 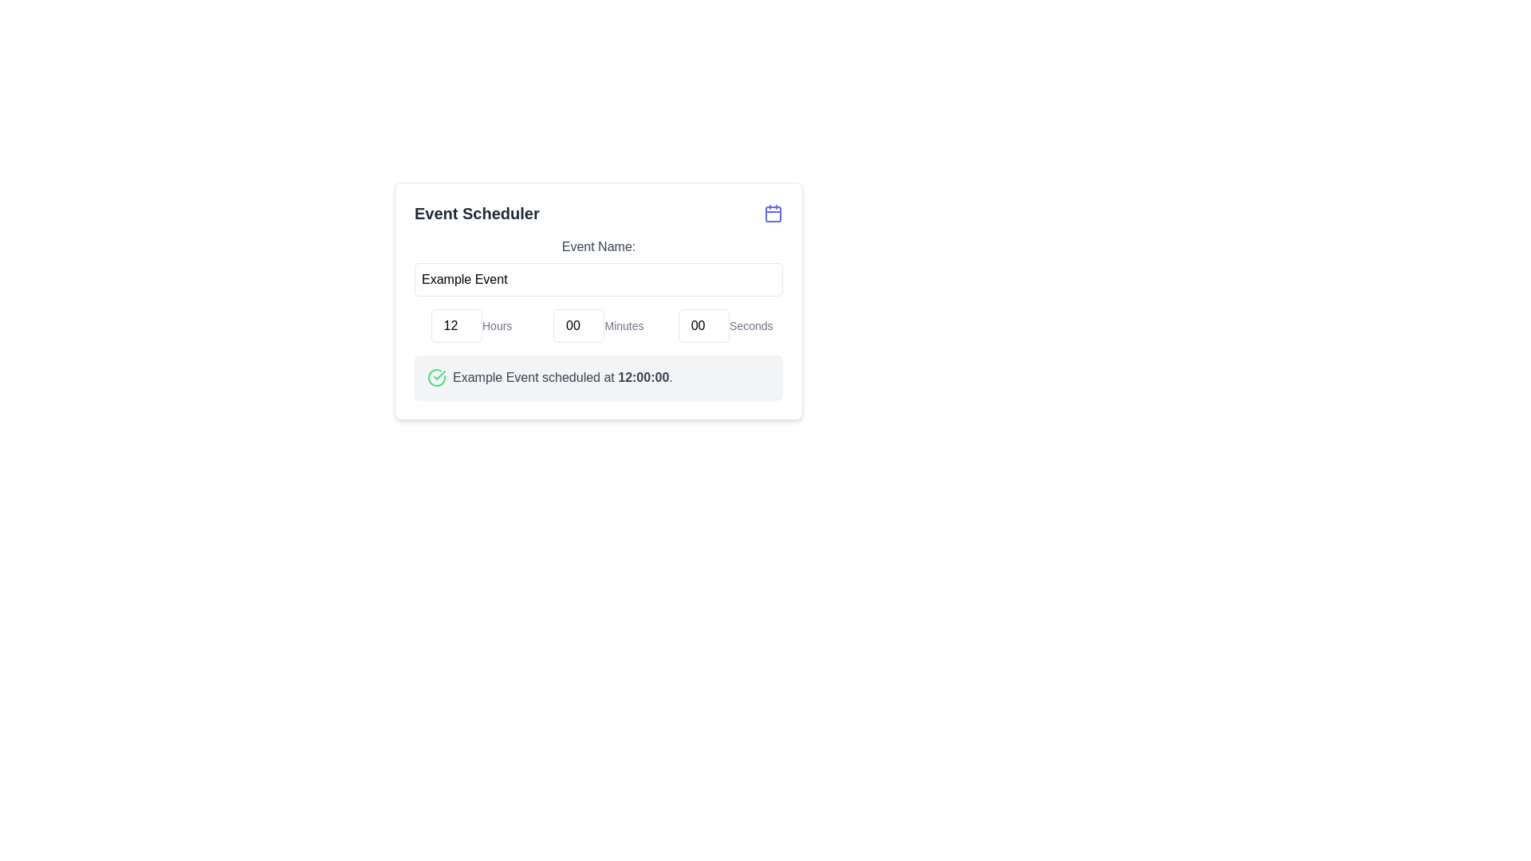 What do you see at coordinates (643, 377) in the screenshot?
I see `the static text displaying the time '12:00:00' which is part of the confirmation statement 'Example Event scheduled at 12:00:00.'` at bounding box center [643, 377].